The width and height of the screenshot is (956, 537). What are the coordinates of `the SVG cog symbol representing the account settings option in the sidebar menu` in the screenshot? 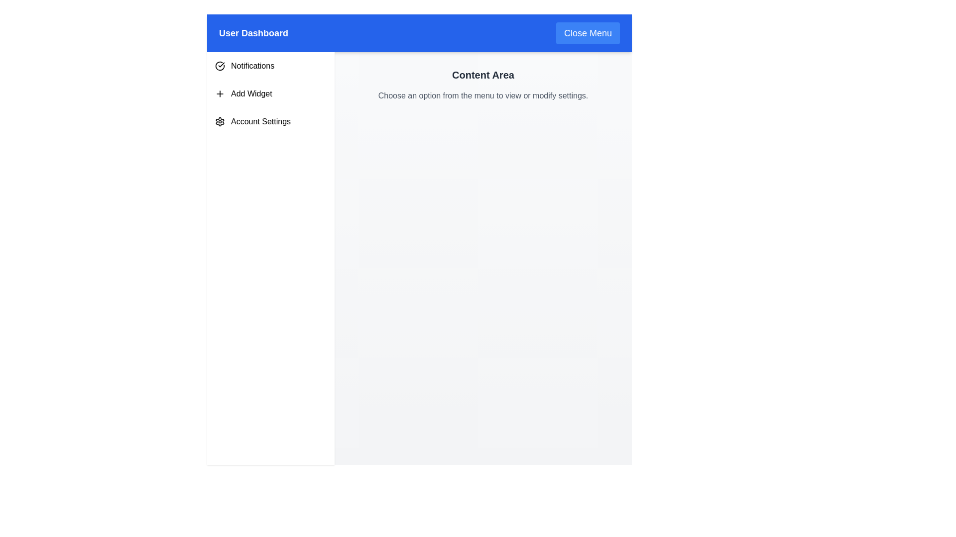 It's located at (219, 121).